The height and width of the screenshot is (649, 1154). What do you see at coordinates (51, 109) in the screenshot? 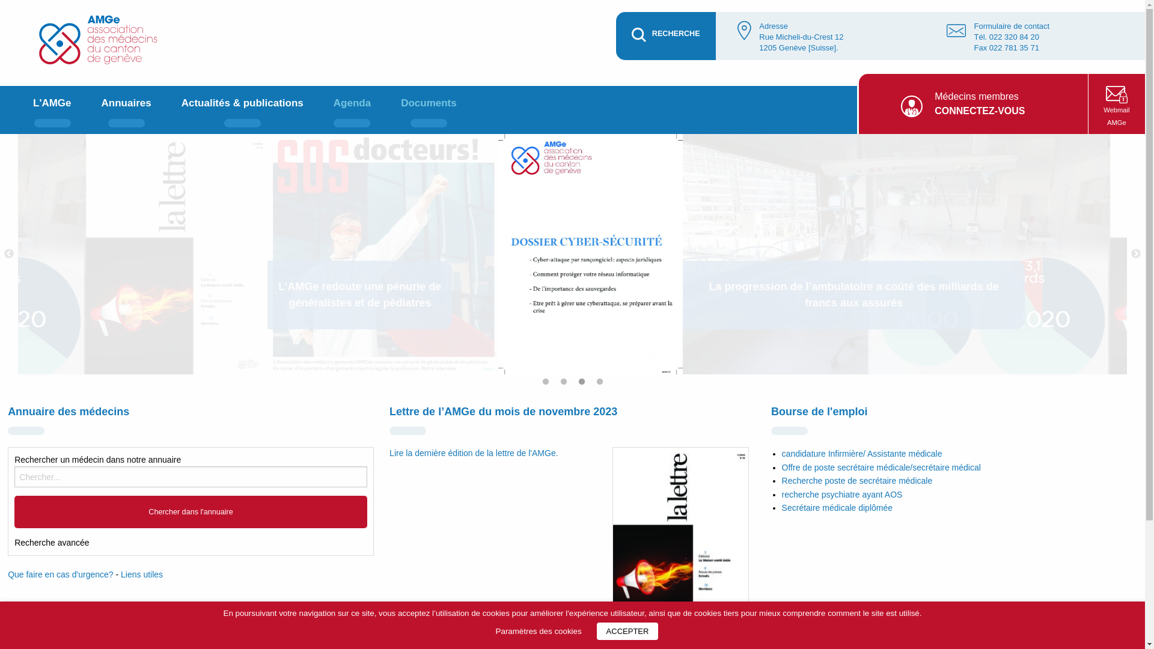
I see `'L'AMGe'` at bounding box center [51, 109].